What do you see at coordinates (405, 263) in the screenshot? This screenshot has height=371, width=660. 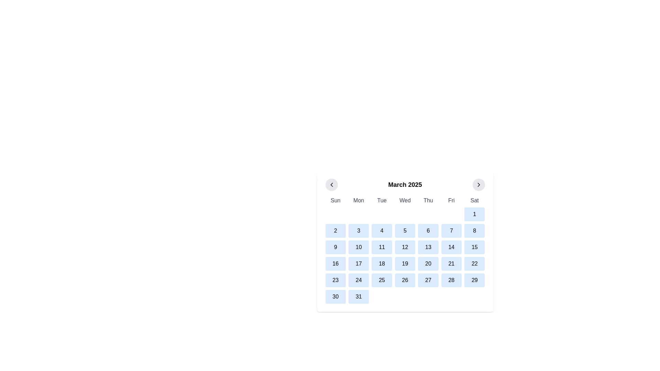 I see `the rectangular light blue button with the number '19' at its center` at bounding box center [405, 263].